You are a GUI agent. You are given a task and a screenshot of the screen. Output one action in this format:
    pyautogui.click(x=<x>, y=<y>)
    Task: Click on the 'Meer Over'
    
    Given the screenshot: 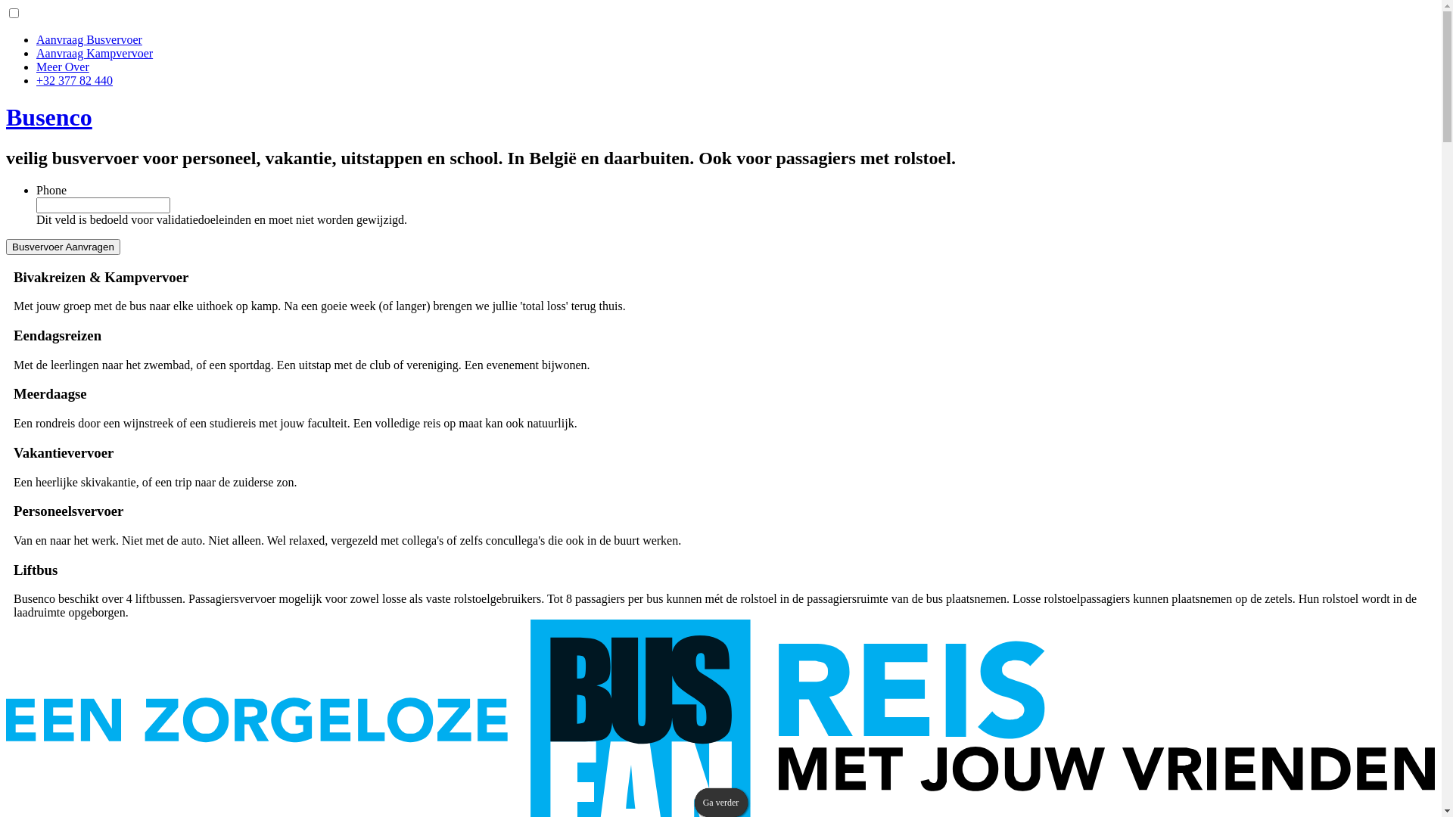 What is the action you would take?
    pyautogui.click(x=61, y=66)
    